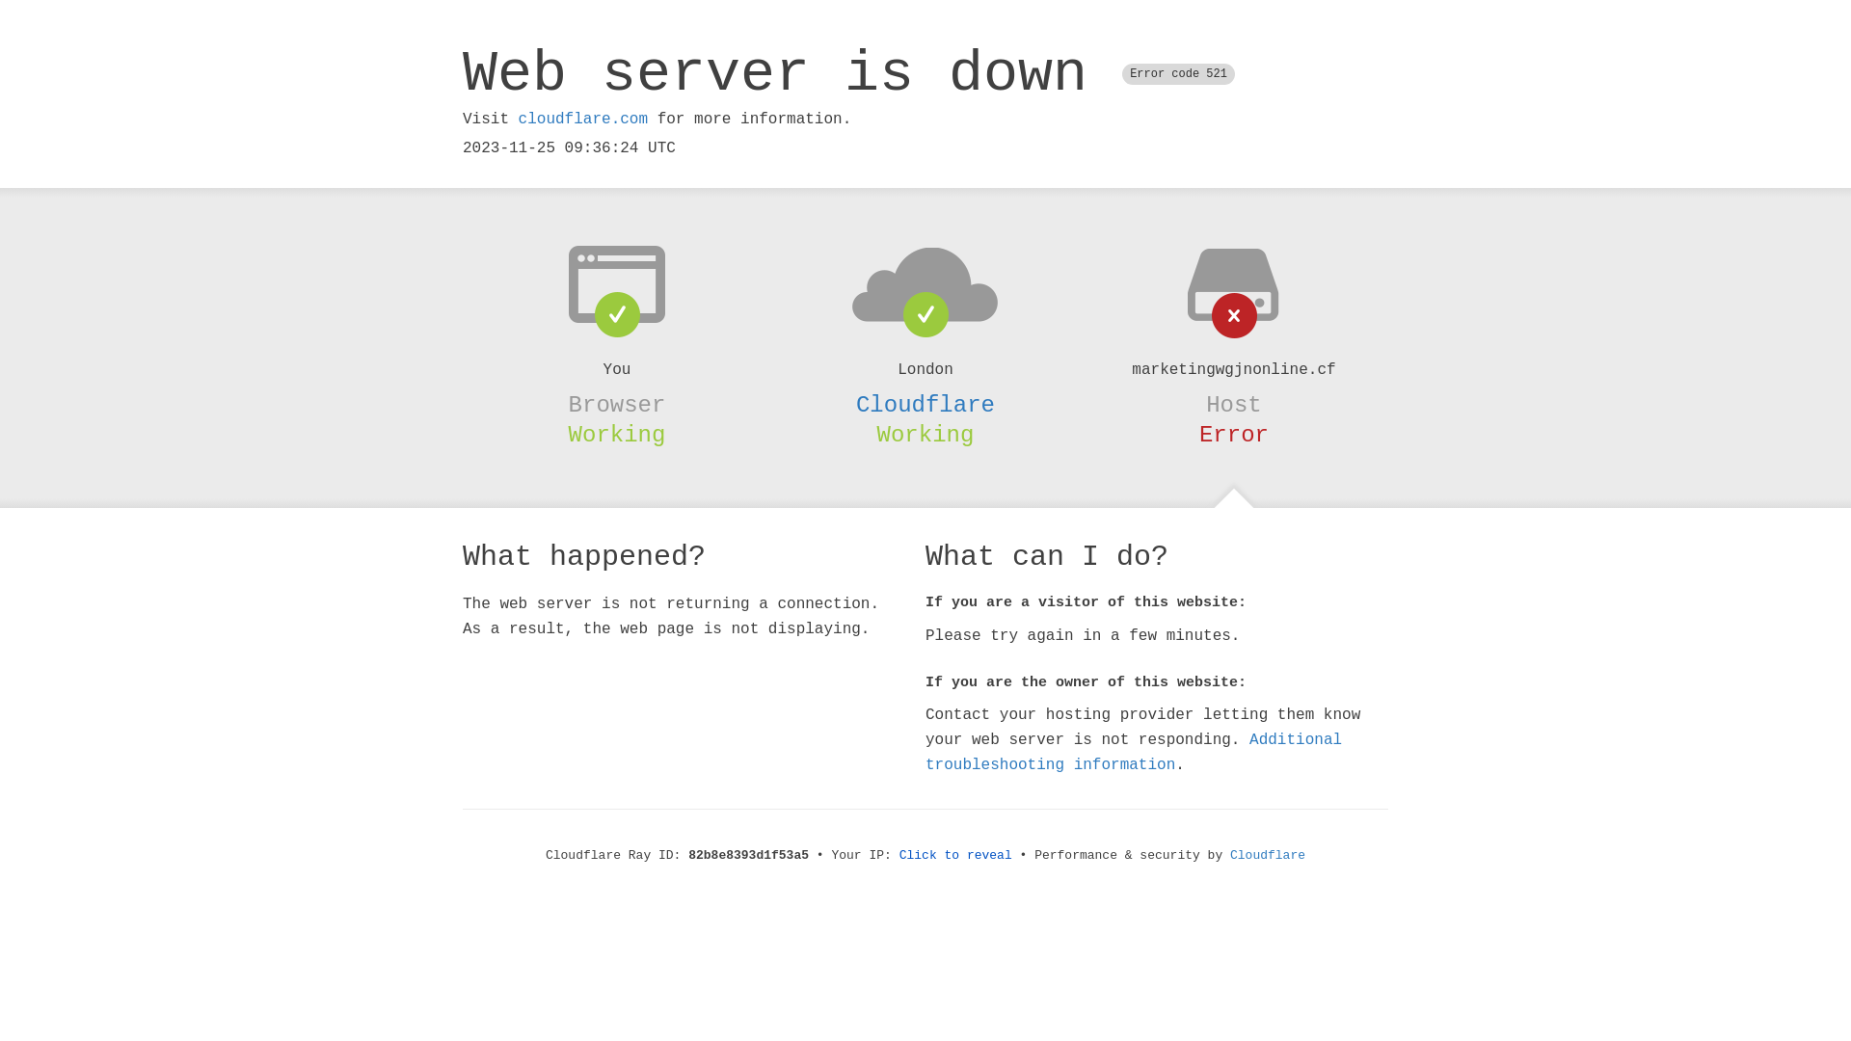  I want to click on 'Cloudflare', so click(925, 404).